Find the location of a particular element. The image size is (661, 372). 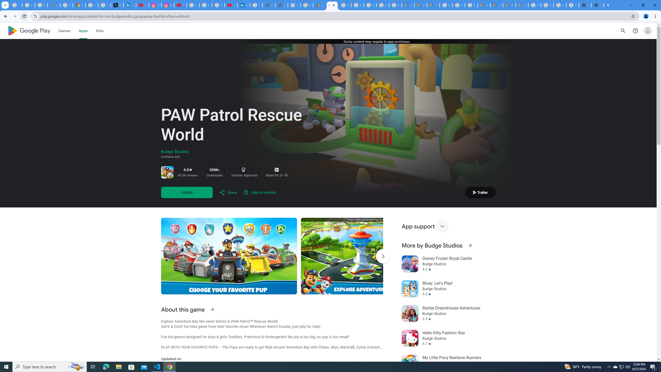

'See more information on More by Budge Studios' is located at coordinates (469, 245).